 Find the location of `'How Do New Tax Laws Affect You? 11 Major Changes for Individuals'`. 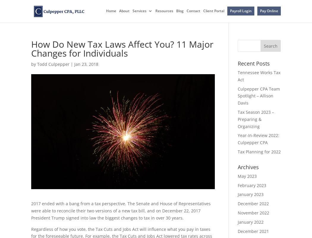

'How Do New Tax Laws Affect You? 11 Major Changes for Individuals' is located at coordinates (122, 48).